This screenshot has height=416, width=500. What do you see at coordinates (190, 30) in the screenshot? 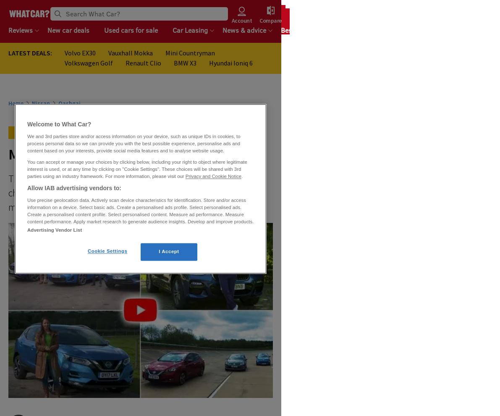
I see `'Car Leasing'` at bounding box center [190, 30].